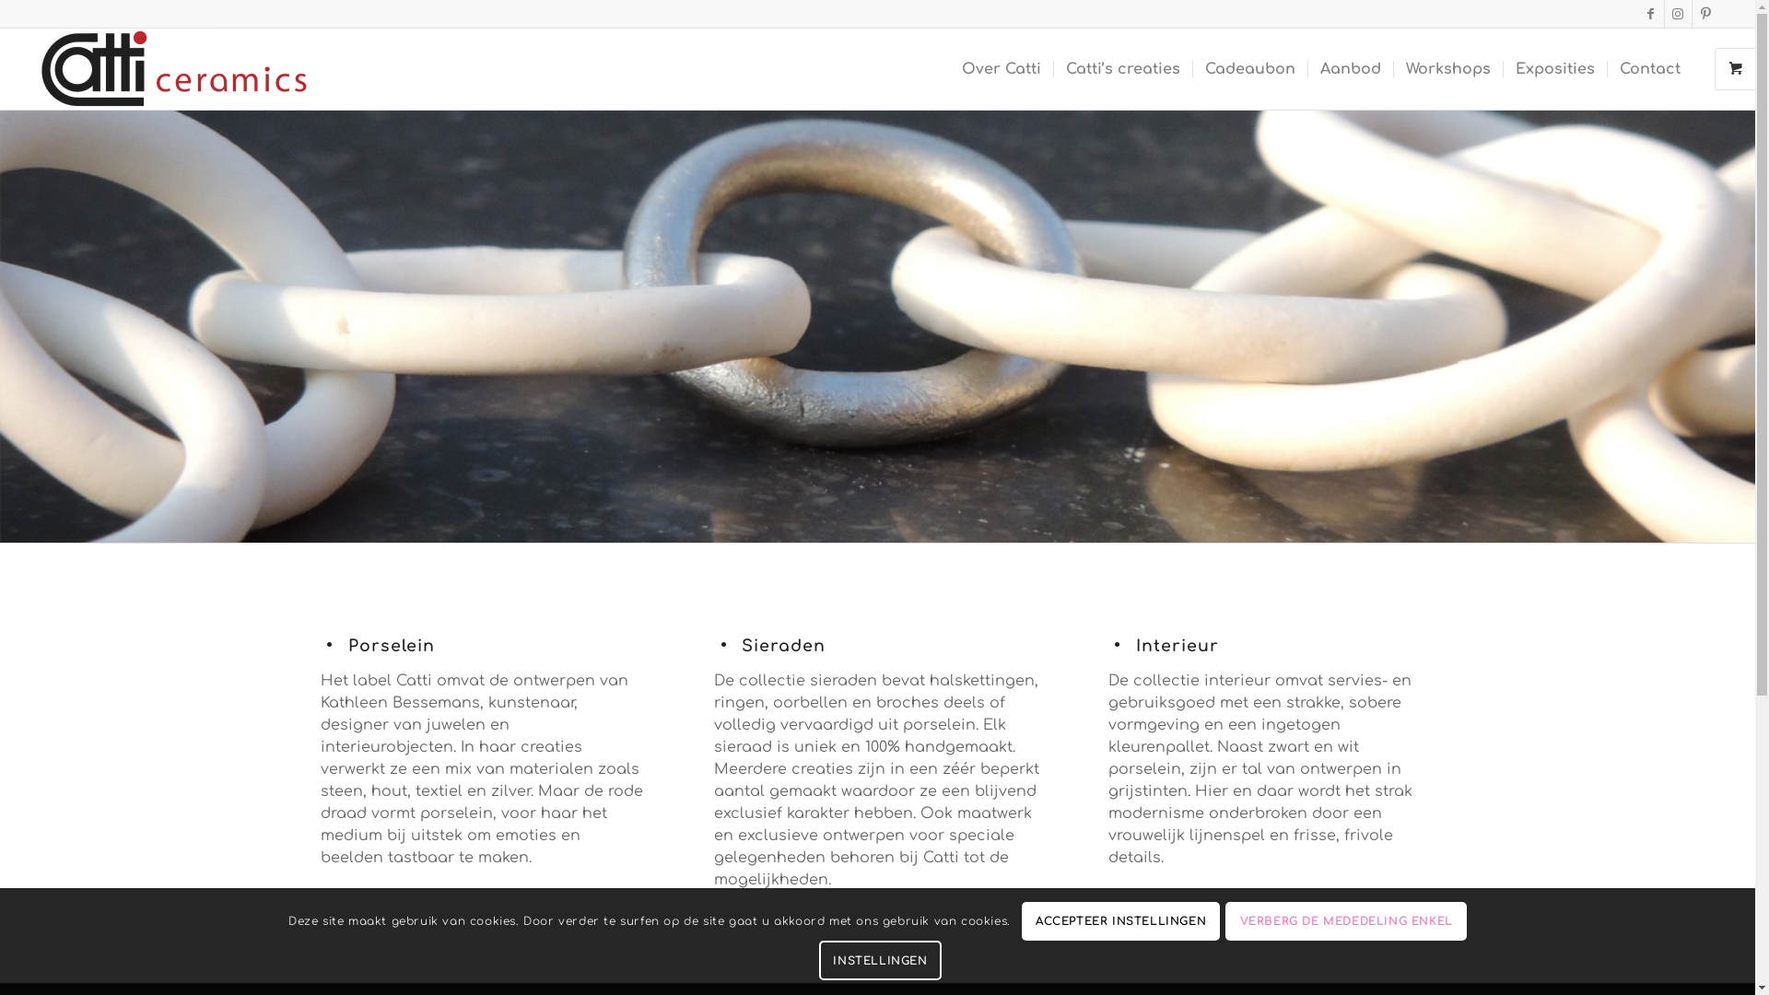 This screenshot has height=995, width=1769. I want to click on 'Aanbod', so click(1306, 67).